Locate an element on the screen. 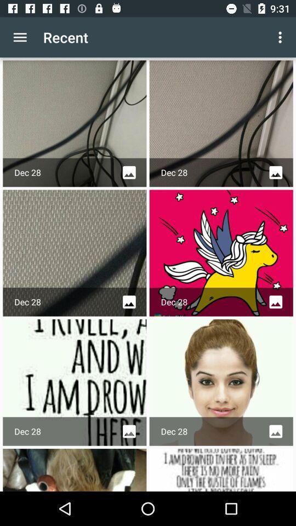 This screenshot has width=296, height=526. icon to the left of the recent icon is located at coordinates (20, 37).